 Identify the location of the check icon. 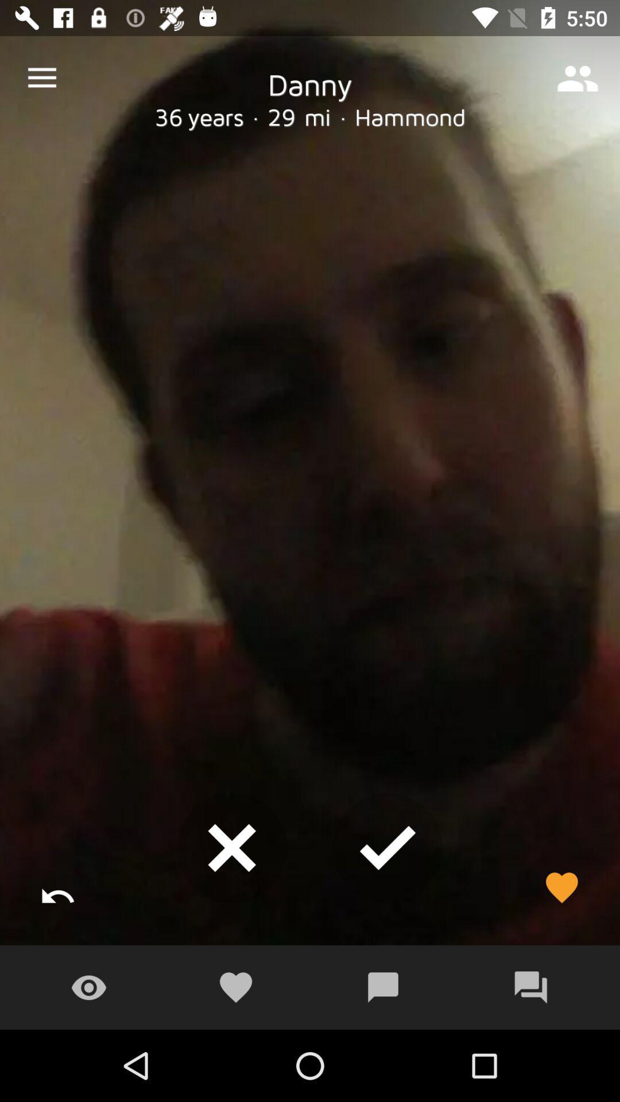
(387, 848).